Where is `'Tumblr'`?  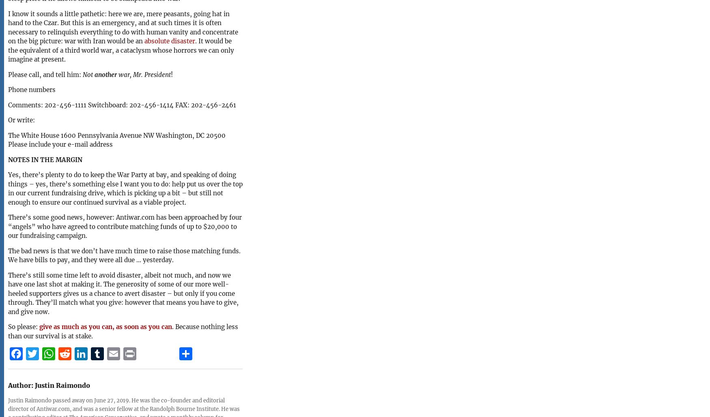
'Tumblr' is located at coordinates (103, 380).